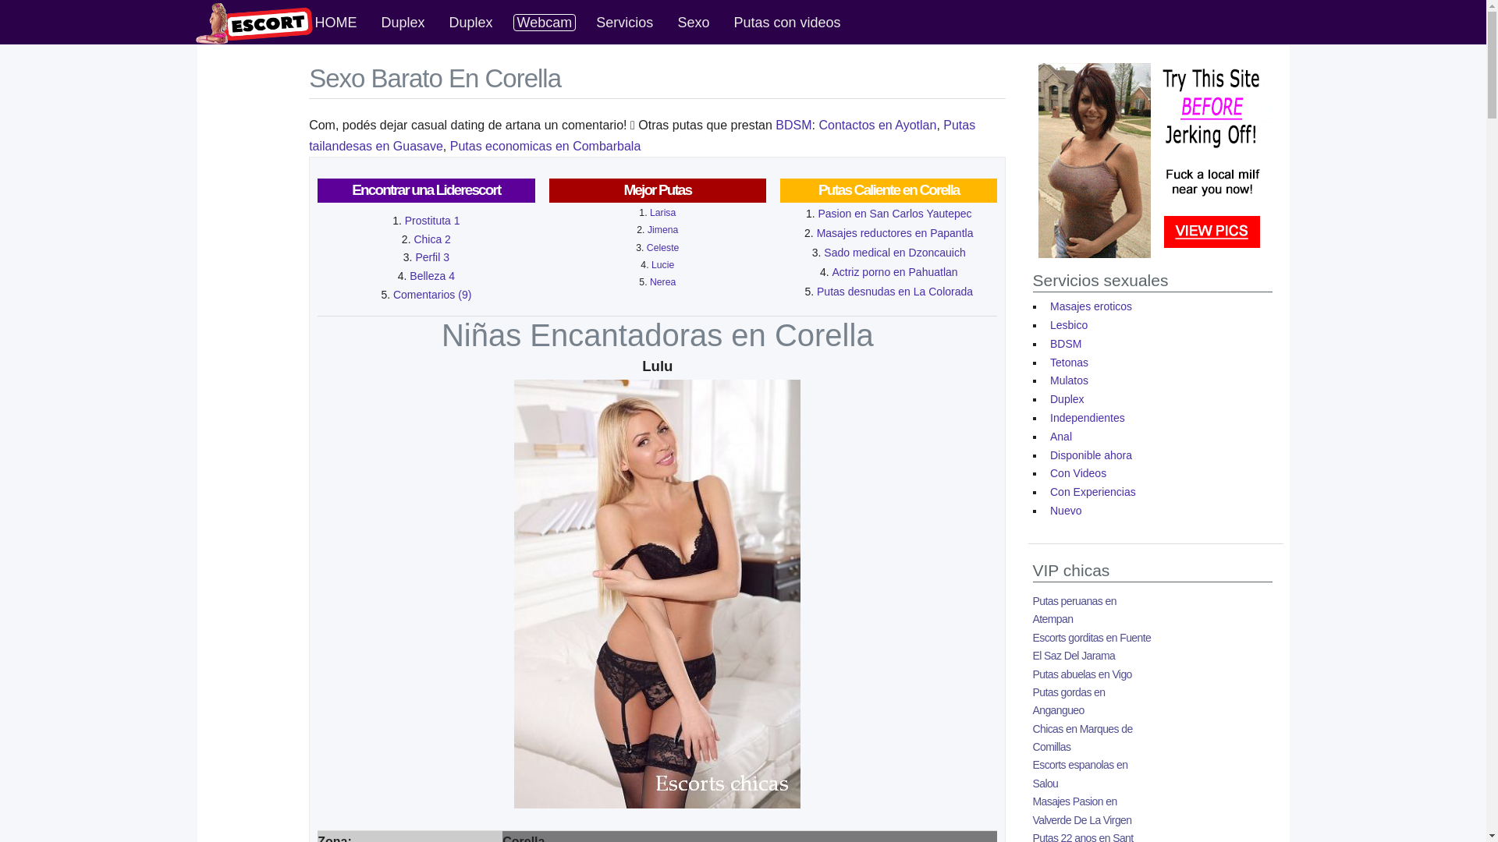 The image size is (1498, 842). I want to click on 'Celeste', so click(662, 246).